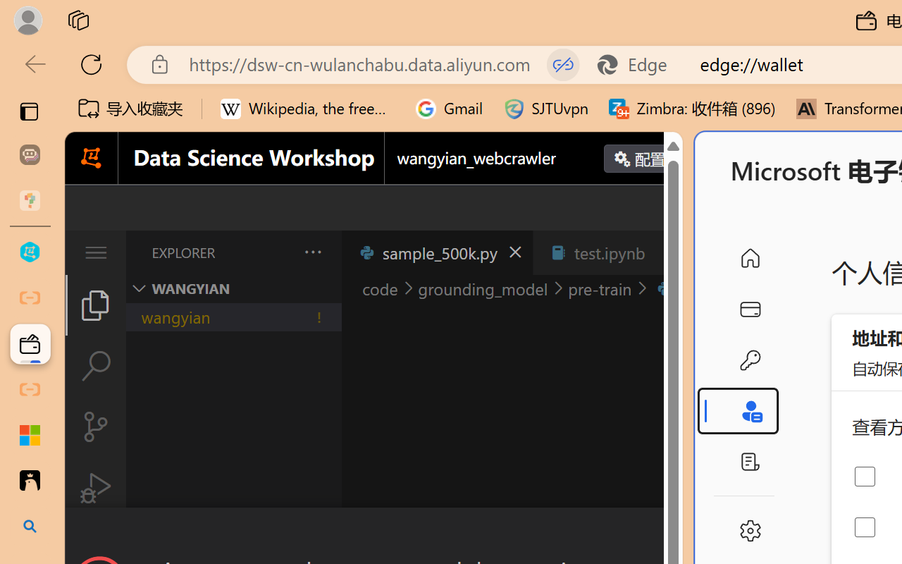  What do you see at coordinates (94, 427) in the screenshot?
I see `'Source Control (Ctrl+Shift+G)'` at bounding box center [94, 427].